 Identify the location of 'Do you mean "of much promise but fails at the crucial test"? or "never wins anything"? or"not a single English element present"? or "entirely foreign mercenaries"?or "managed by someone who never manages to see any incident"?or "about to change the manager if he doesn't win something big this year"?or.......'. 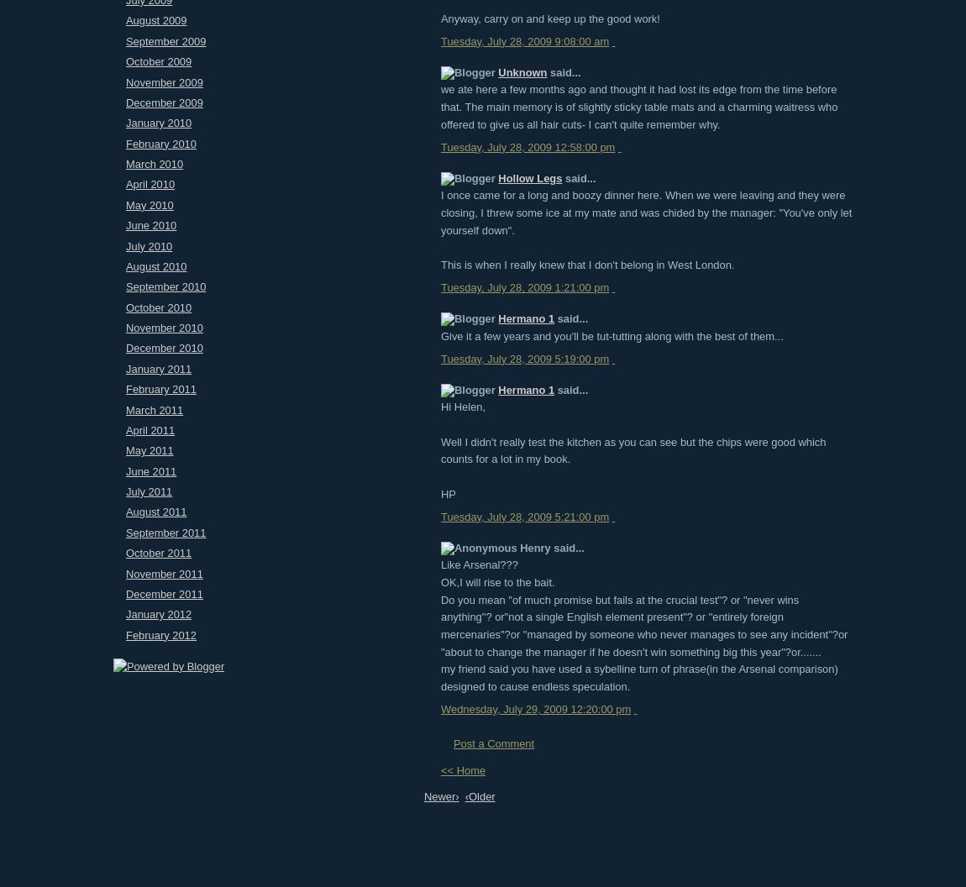
(643, 624).